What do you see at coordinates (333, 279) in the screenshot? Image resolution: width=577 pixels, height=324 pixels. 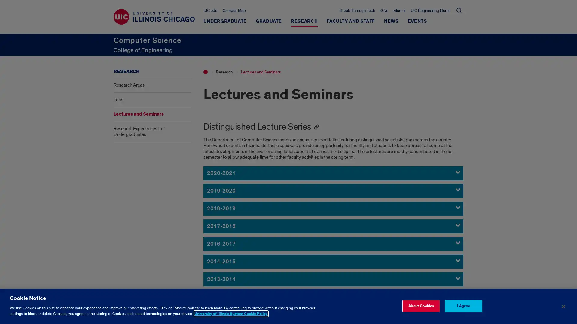 I see `2013-2014` at bounding box center [333, 279].